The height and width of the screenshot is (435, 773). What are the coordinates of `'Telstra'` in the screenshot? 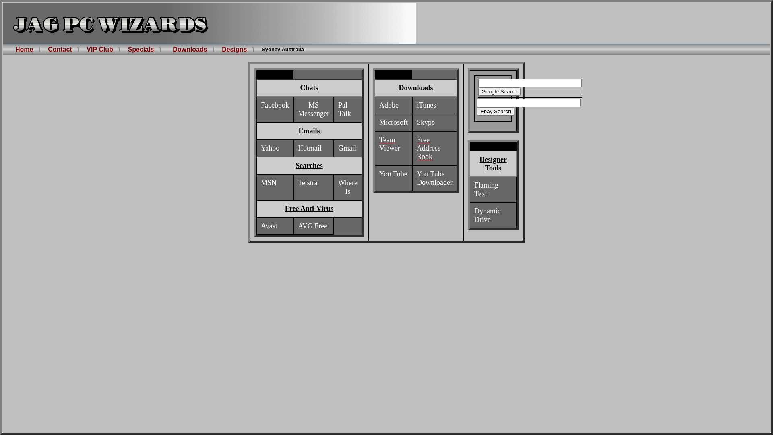 It's located at (307, 183).